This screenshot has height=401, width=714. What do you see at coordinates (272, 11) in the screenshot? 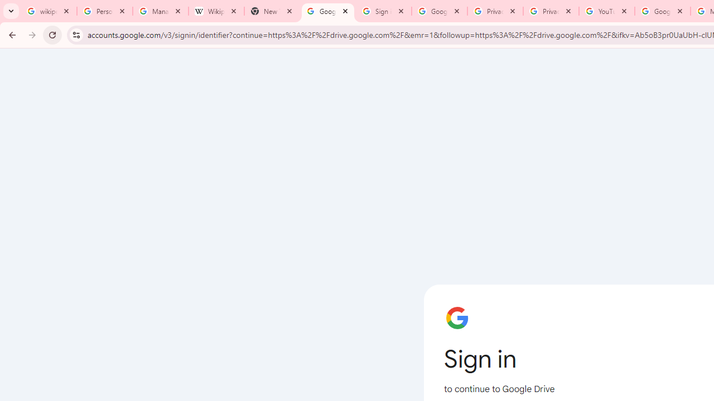
I see `'New Tab'` at bounding box center [272, 11].